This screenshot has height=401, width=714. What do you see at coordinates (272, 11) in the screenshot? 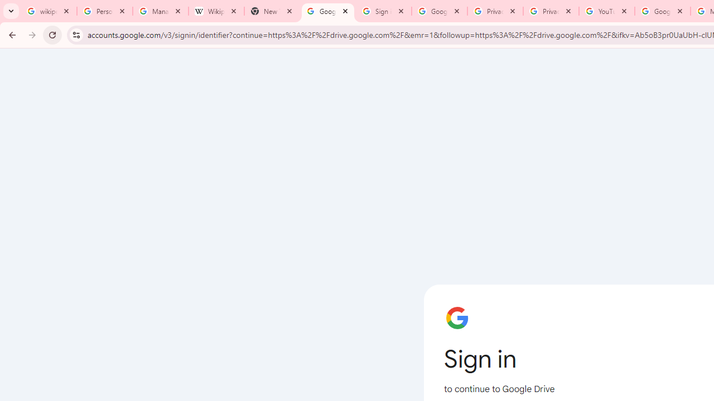
I see `'New Tab'` at bounding box center [272, 11].